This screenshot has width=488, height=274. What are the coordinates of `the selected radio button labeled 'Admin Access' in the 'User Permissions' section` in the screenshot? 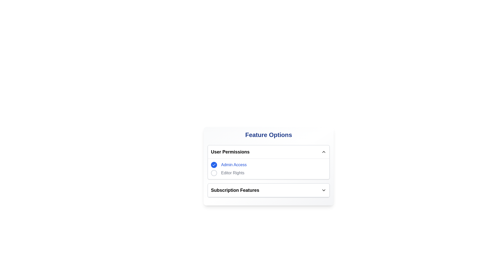 It's located at (268, 165).